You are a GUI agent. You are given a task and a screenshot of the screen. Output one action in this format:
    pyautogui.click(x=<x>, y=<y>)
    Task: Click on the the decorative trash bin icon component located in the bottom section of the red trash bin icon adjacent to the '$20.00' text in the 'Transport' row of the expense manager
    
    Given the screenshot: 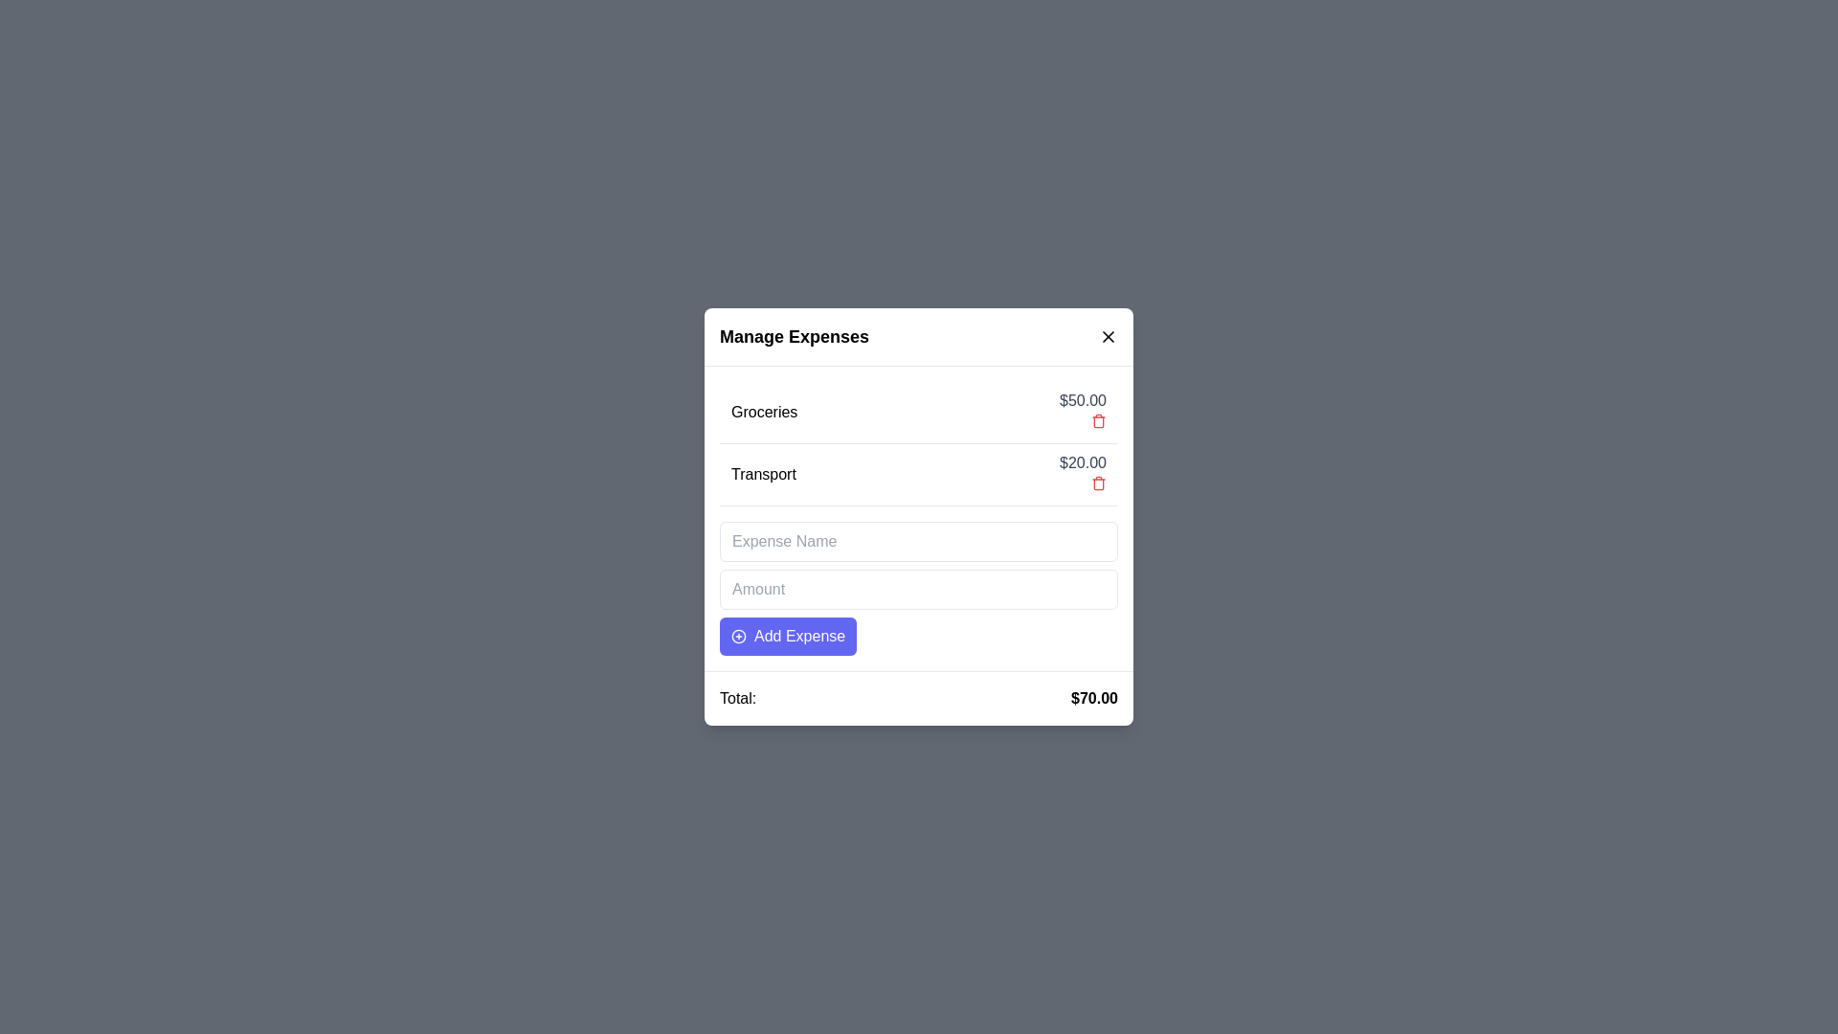 What is the action you would take?
    pyautogui.click(x=1098, y=420)
    